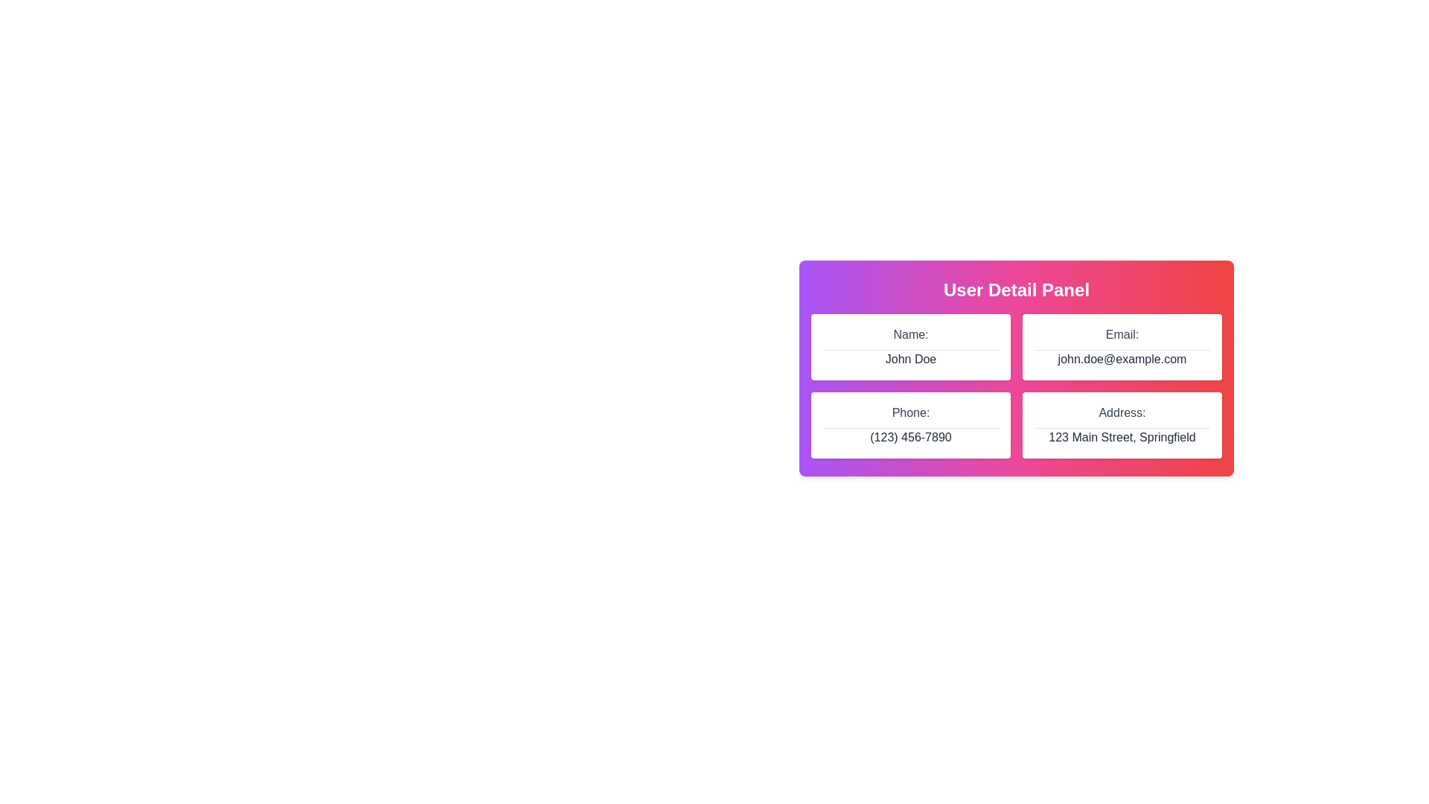 This screenshot has height=804, width=1429. I want to click on address information from the informational card titled 'Address:' located at the bottom right side of the grid layout, so click(1122, 425).